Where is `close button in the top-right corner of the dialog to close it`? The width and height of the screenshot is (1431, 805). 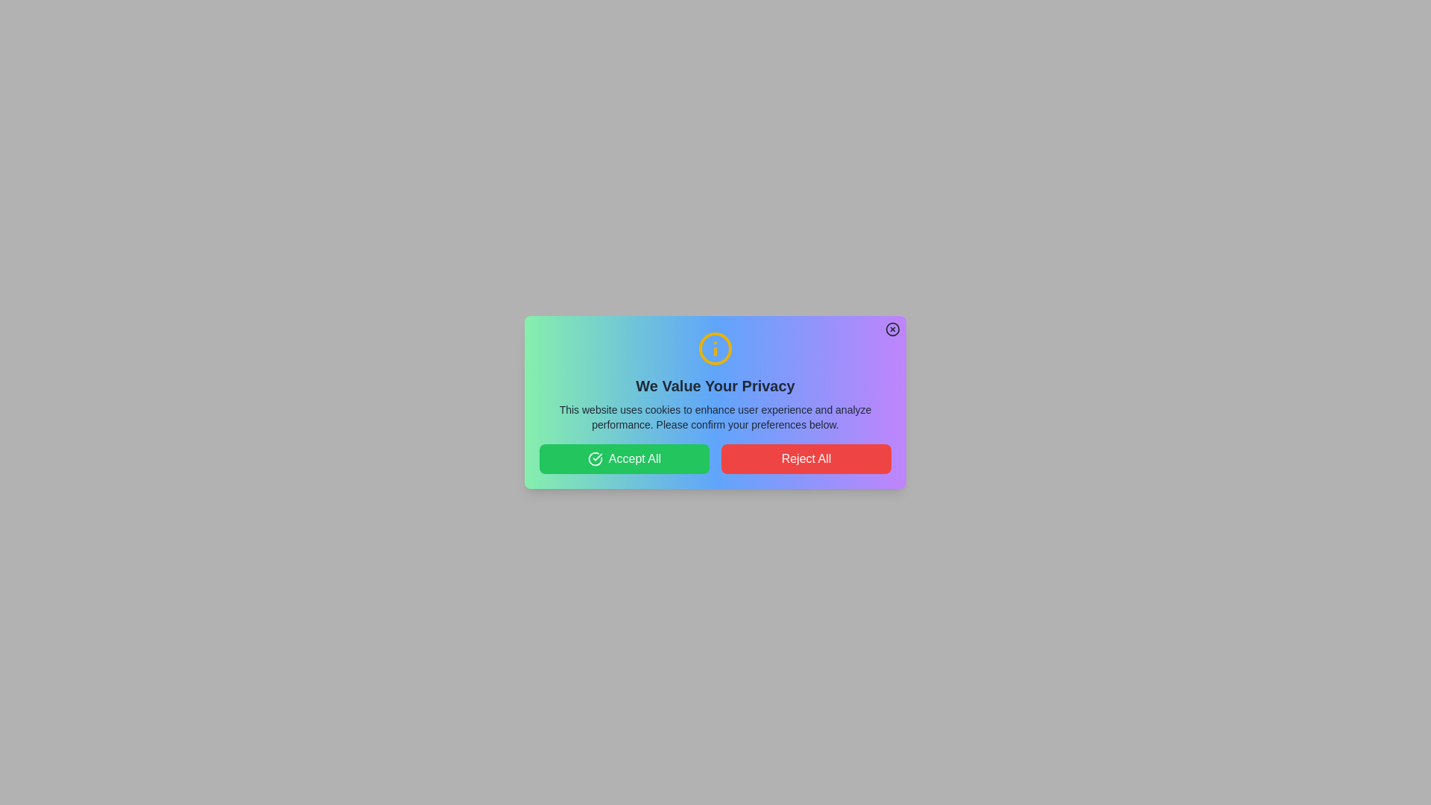 close button in the top-right corner of the dialog to close it is located at coordinates (893, 329).